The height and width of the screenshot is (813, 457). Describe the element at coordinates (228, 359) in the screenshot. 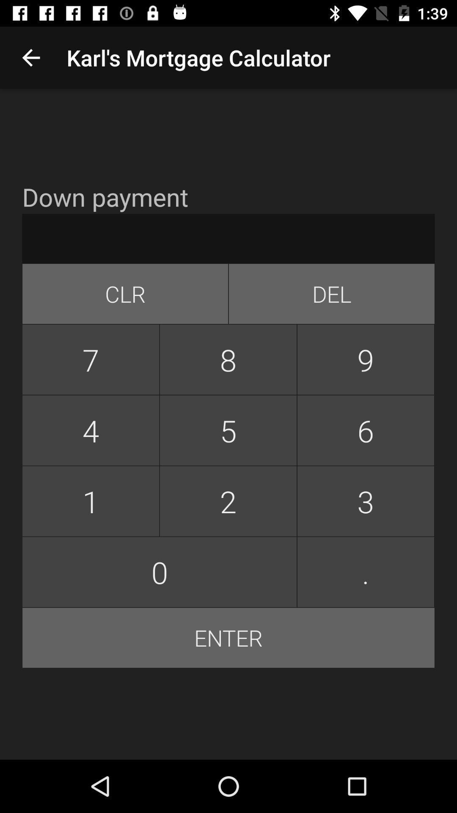

I see `the icon below clr` at that location.